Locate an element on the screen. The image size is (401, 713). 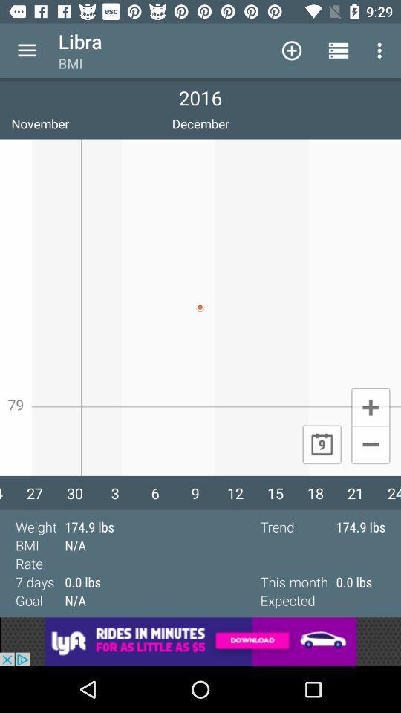
zoom out is located at coordinates (370, 446).